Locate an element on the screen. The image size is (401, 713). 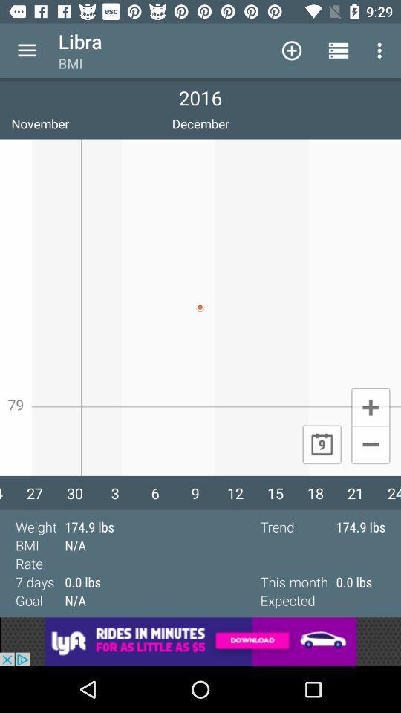
zoom out is located at coordinates (370, 446).